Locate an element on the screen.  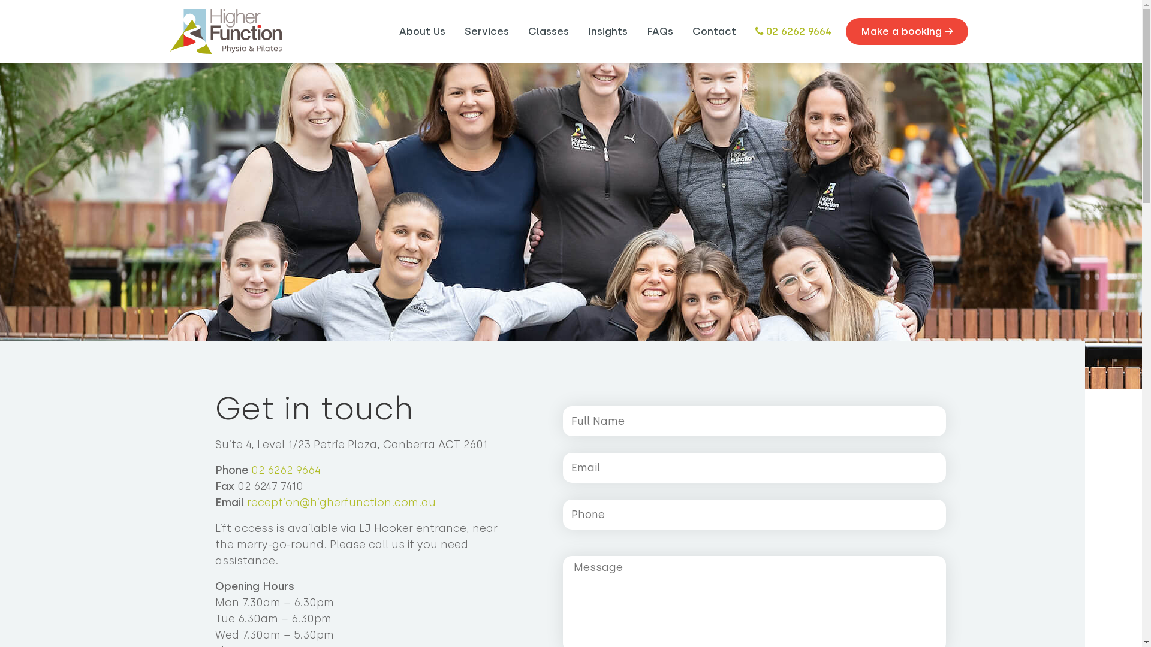
'Contact' is located at coordinates (713, 31).